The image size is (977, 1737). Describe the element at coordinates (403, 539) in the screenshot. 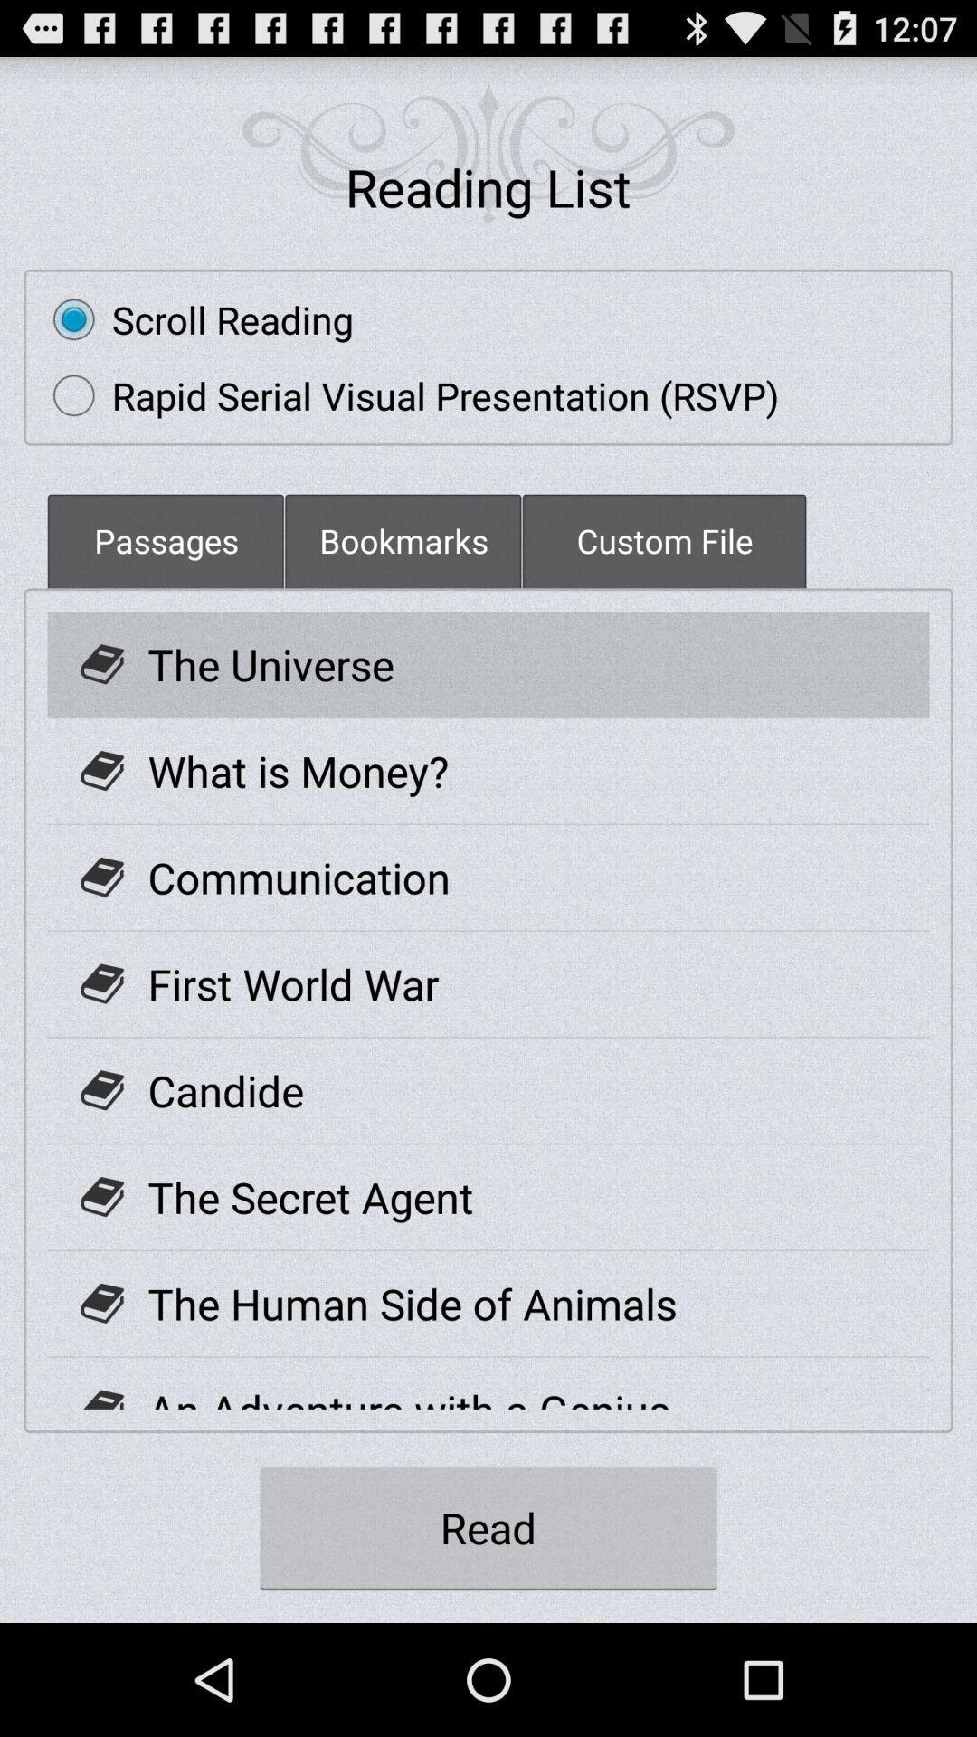

I see `item next to custom file item` at that location.